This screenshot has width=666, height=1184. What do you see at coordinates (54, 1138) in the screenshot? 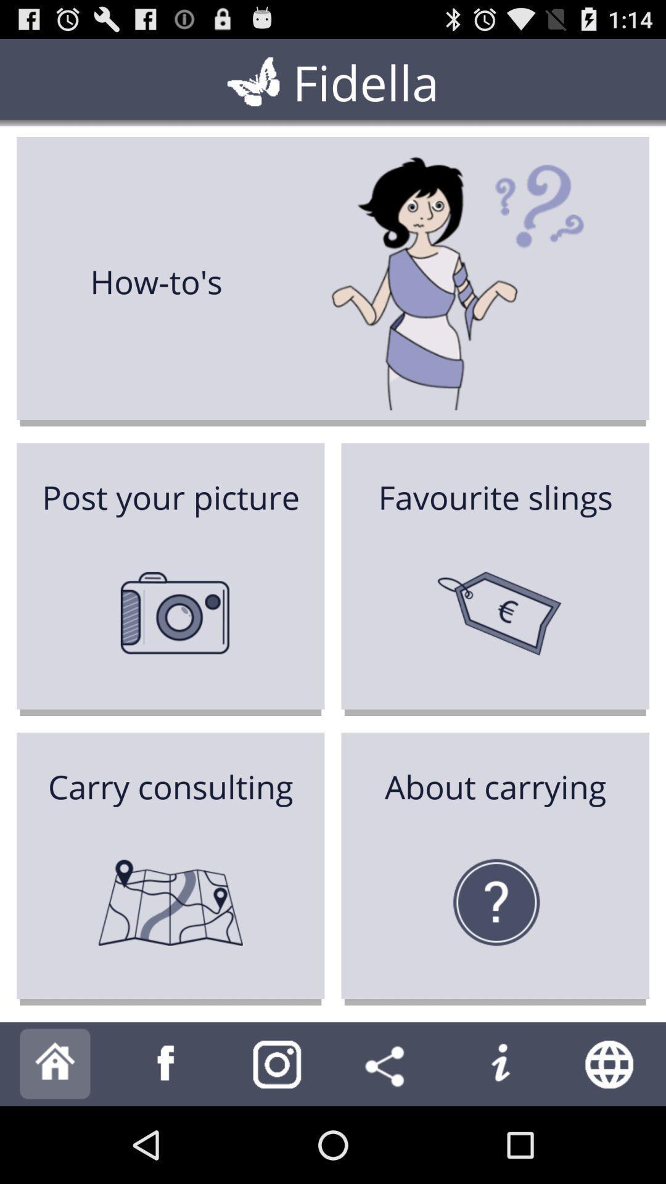
I see `the home icon` at bounding box center [54, 1138].